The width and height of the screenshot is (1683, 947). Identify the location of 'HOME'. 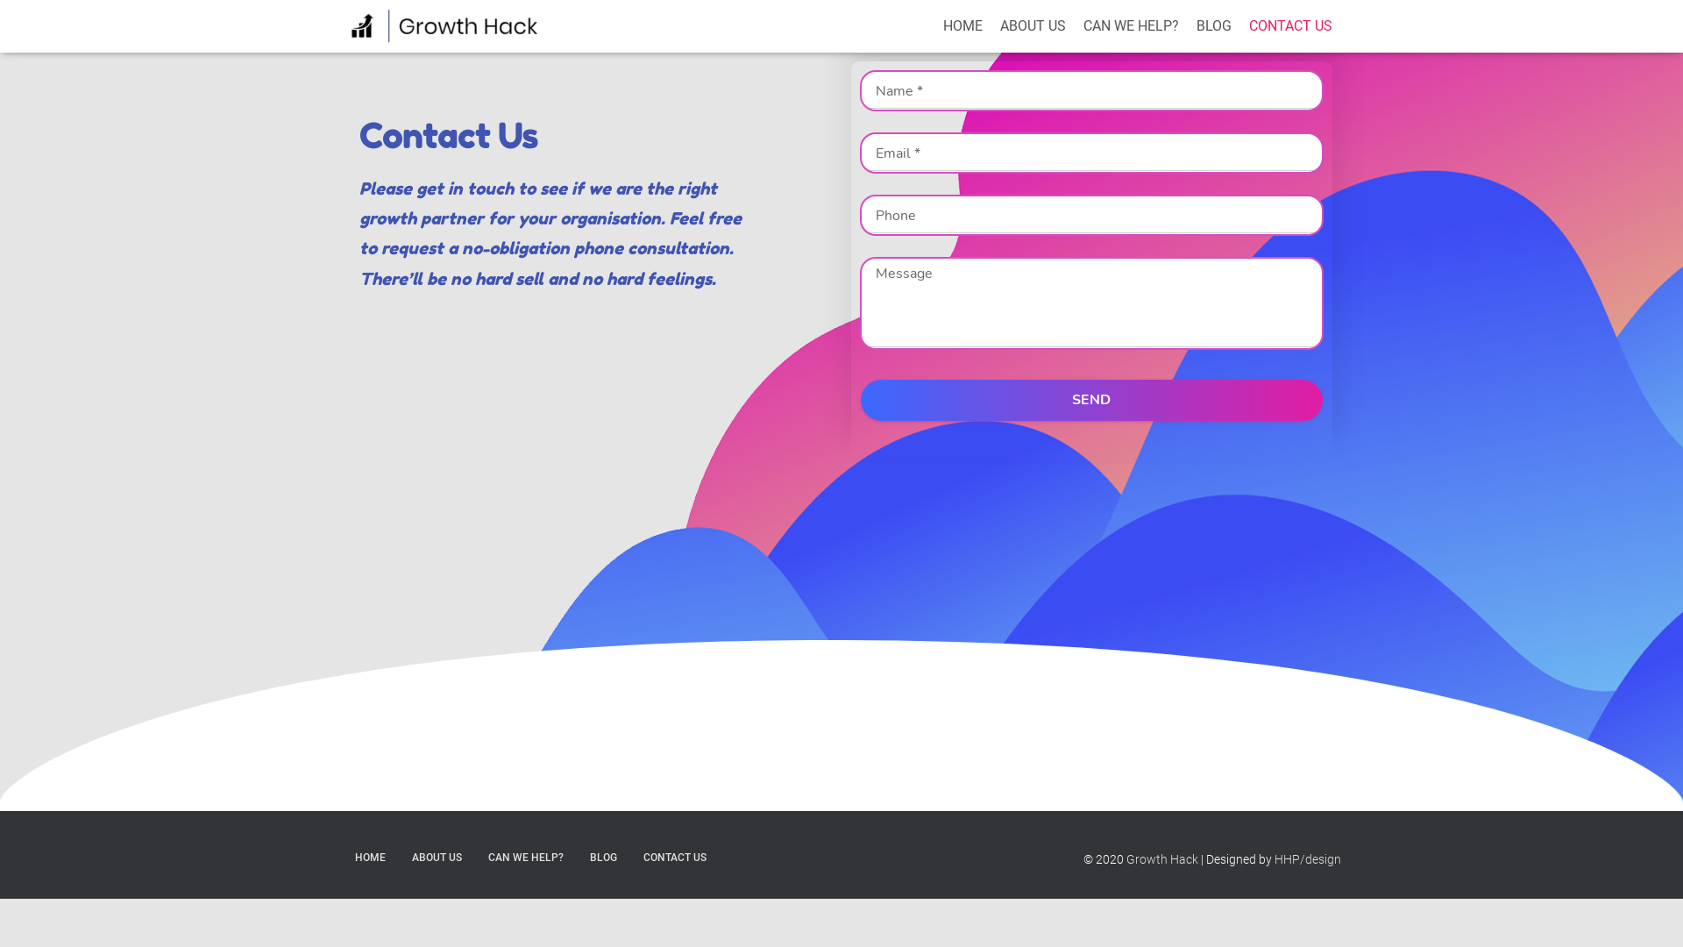
(933, 26).